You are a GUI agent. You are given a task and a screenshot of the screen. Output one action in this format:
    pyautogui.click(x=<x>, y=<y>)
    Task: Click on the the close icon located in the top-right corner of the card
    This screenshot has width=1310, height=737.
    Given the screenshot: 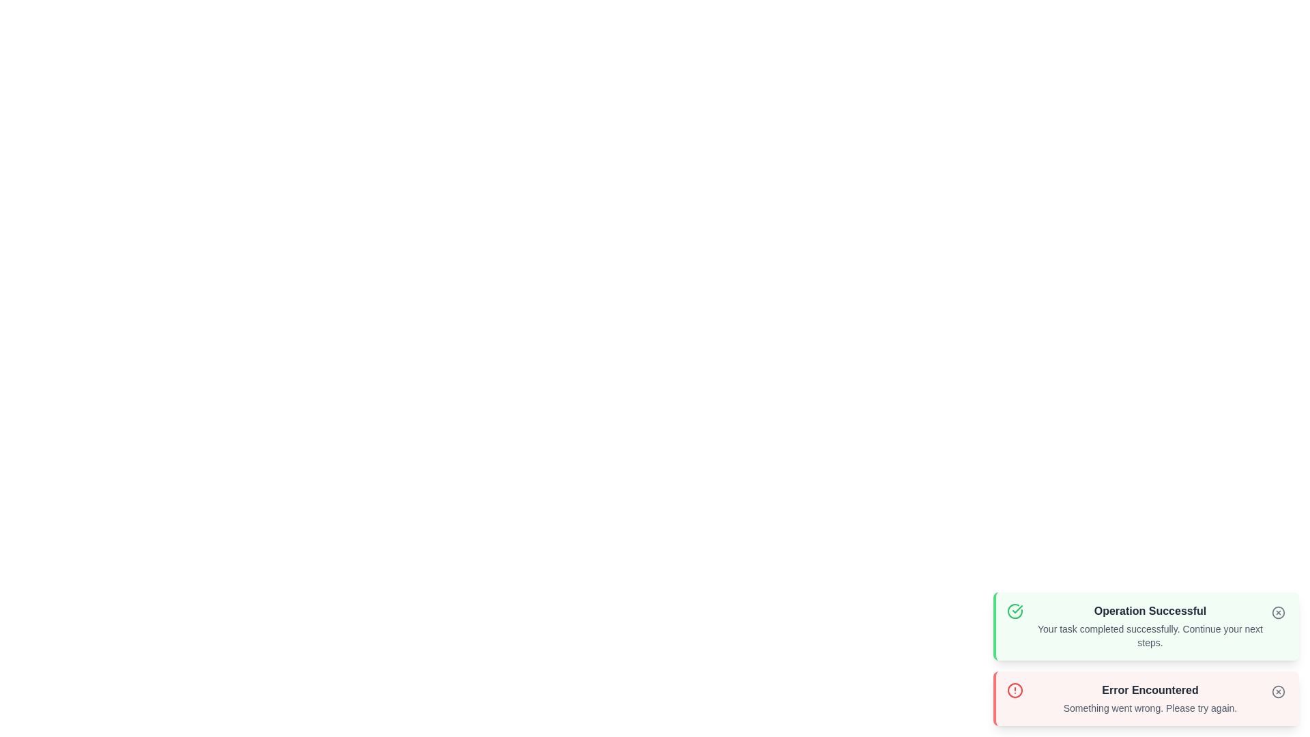 What is the action you would take?
    pyautogui.click(x=1277, y=612)
    